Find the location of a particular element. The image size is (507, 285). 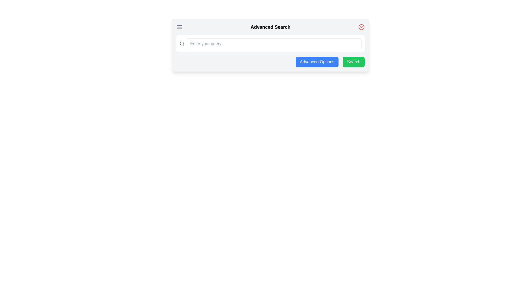

the search icon represented by a magnifying glass, which is located in the top-left corner of the search bar, adjacent to the query input field is located at coordinates (182, 43).